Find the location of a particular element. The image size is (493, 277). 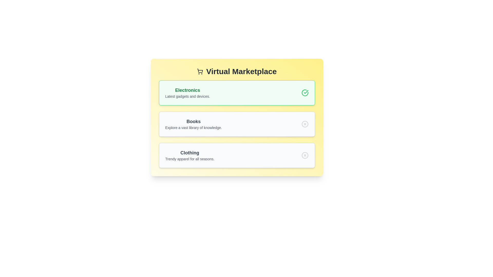

the Clothing item to explore additional interactions is located at coordinates (236, 155).